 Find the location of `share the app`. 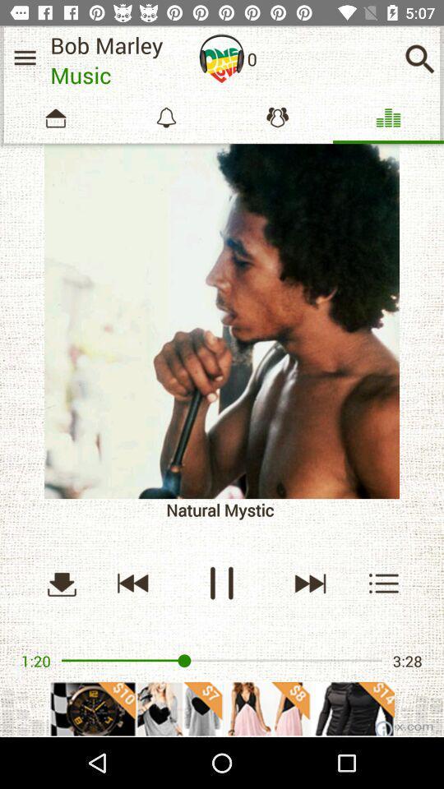

share the app is located at coordinates (222, 708).